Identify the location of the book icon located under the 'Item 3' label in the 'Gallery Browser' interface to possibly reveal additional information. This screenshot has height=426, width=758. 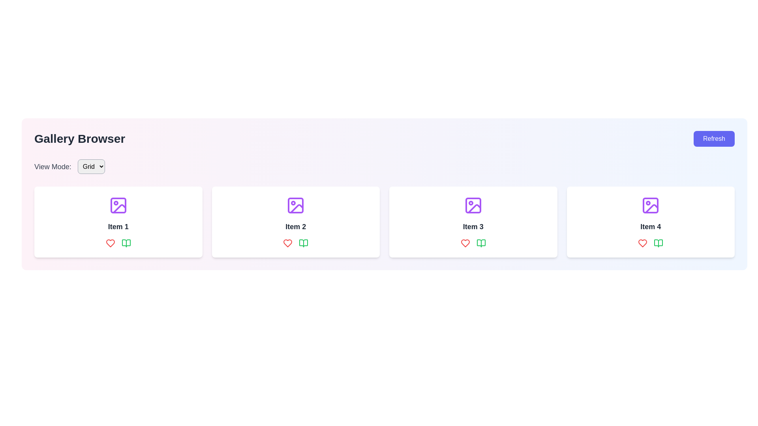
(480, 243).